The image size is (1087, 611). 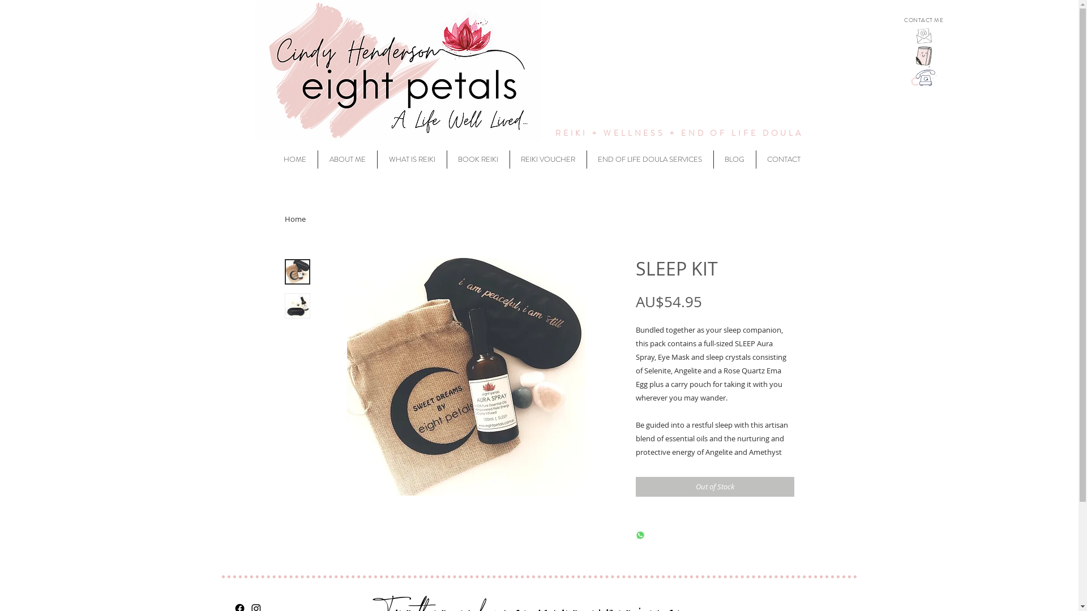 I want to click on 'WHAT IS REIKI', so click(x=410, y=159).